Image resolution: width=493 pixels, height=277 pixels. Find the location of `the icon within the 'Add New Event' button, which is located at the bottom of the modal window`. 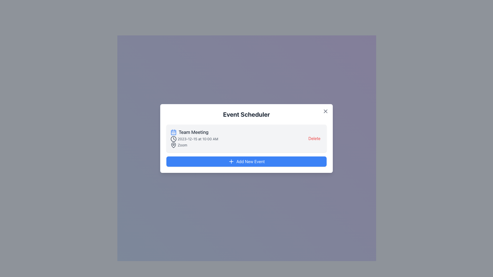

the icon within the 'Add New Event' button, which is located at the bottom of the modal window is located at coordinates (231, 161).